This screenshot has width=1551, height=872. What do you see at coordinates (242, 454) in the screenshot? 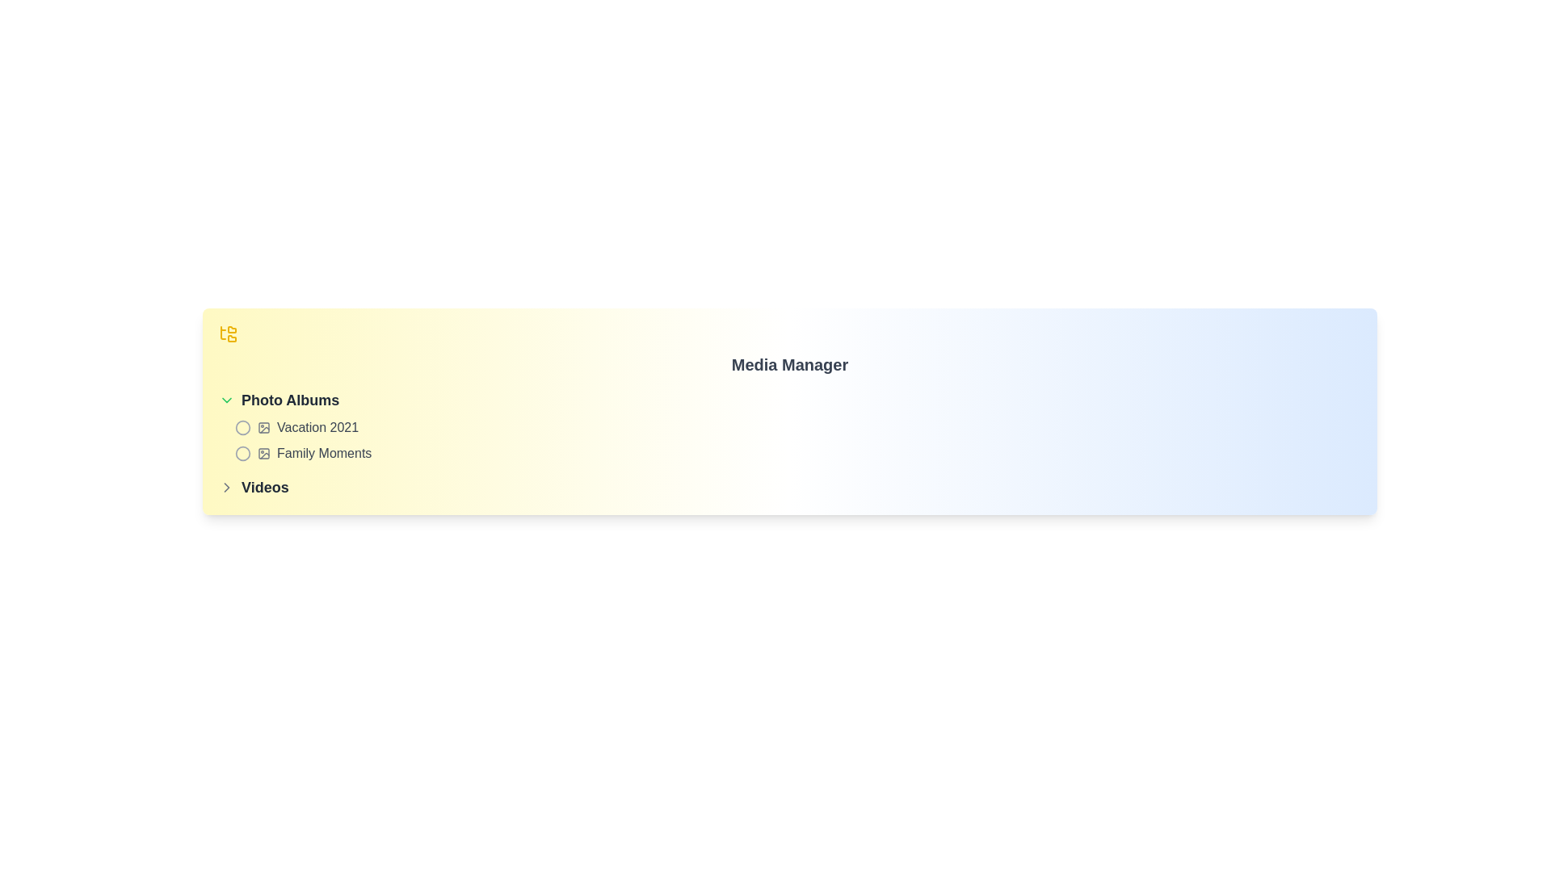
I see `the radio button labeled 'Family Moments'` at bounding box center [242, 454].